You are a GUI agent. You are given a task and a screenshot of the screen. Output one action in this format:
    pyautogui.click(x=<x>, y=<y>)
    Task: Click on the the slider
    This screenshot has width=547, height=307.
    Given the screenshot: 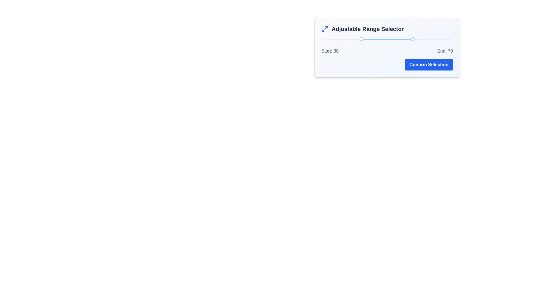 What is the action you would take?
    pyautogui.click(x=402, y=39)
    